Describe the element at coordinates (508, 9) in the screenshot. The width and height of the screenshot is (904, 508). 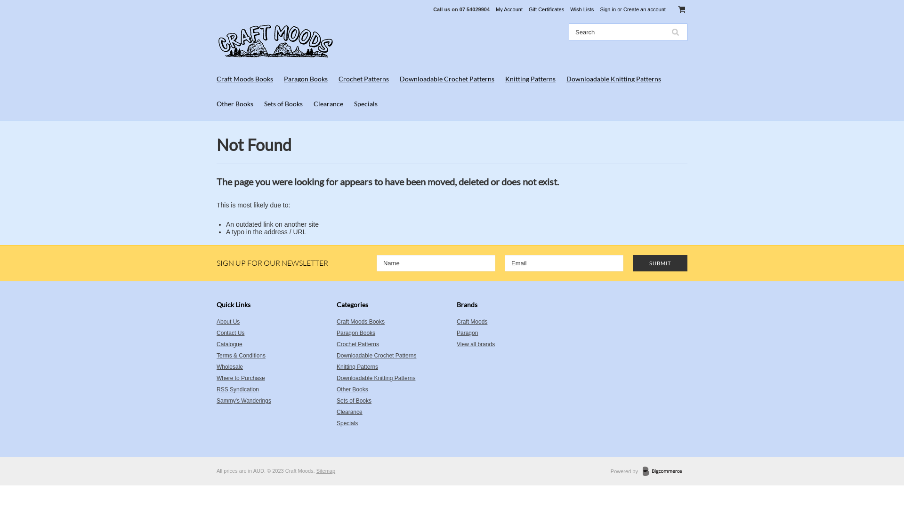
I see `'My Account'` at that location.